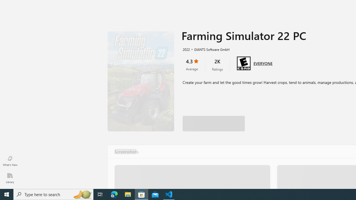  Describe the element at coordinates (209, 49) in the screenshot. I see `'GIANTS Software GmbH'` at that location.